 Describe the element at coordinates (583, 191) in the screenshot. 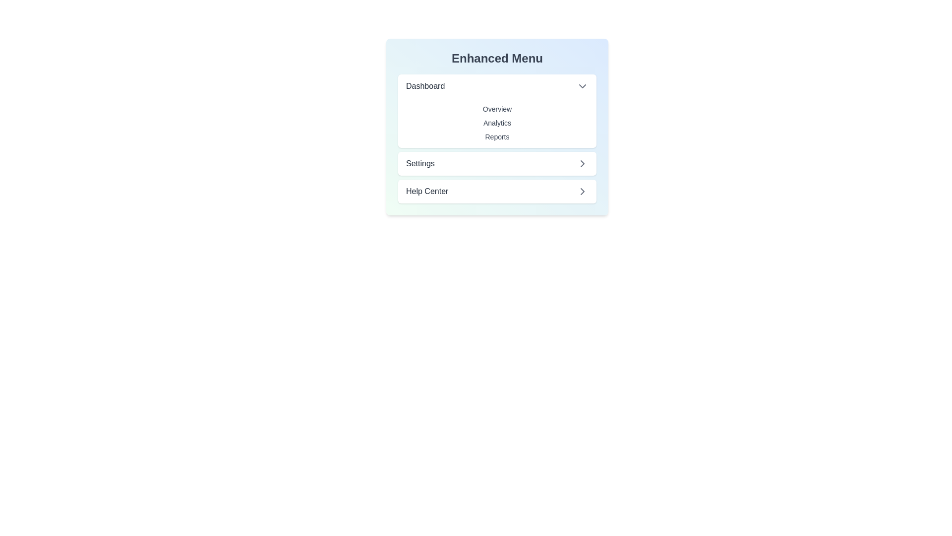

I see `the right-facing chevron SVG graphic located within the 'Help Center' menu entry, positioned to the right of the text 'Help Center'` at that location.